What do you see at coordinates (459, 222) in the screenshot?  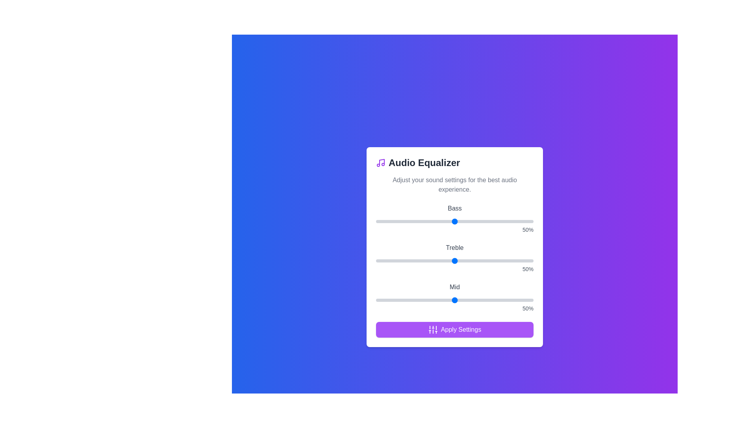 I see `the bass slider to 53%` at bounding box center [459, 222].